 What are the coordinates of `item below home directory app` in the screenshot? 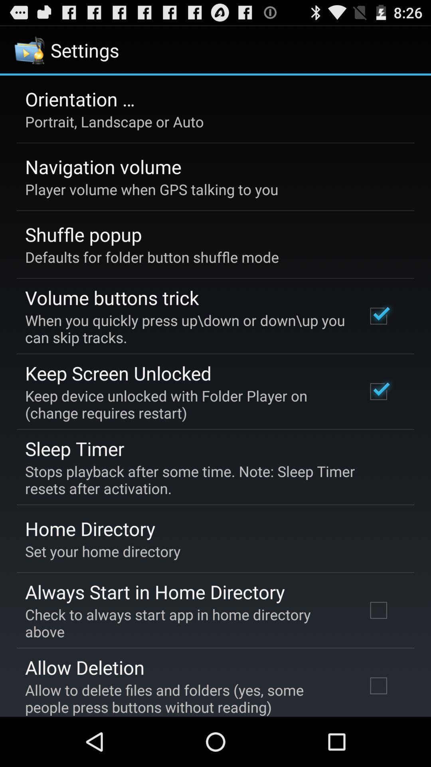 It's located at (102, 551).